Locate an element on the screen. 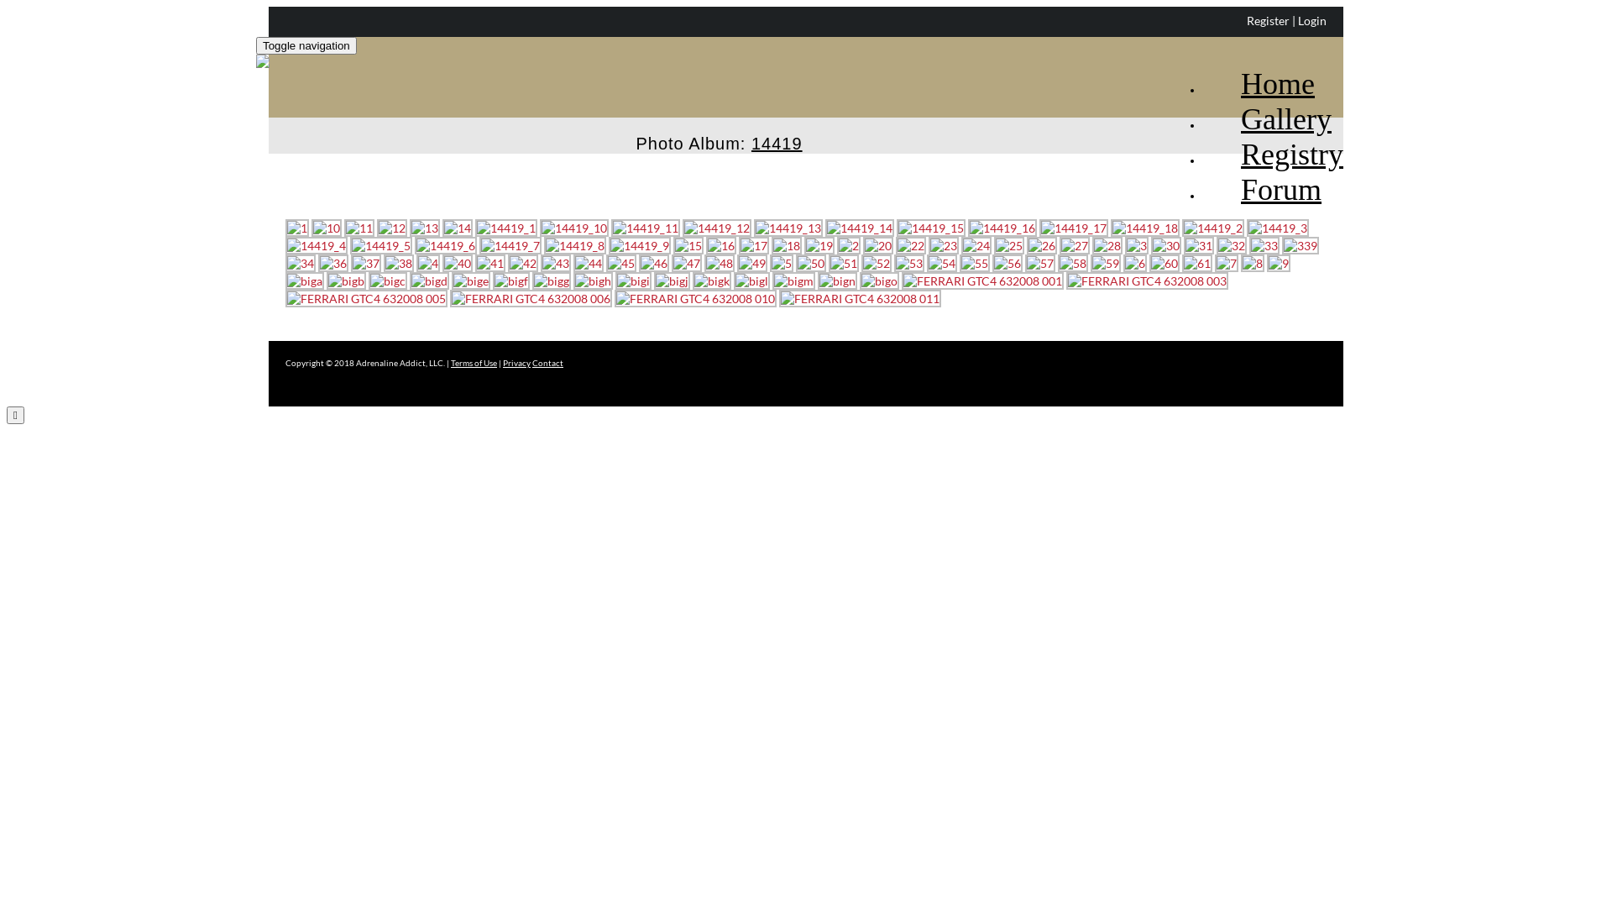  '10 (click to enlarge)' is located at coordinates (311, 228).